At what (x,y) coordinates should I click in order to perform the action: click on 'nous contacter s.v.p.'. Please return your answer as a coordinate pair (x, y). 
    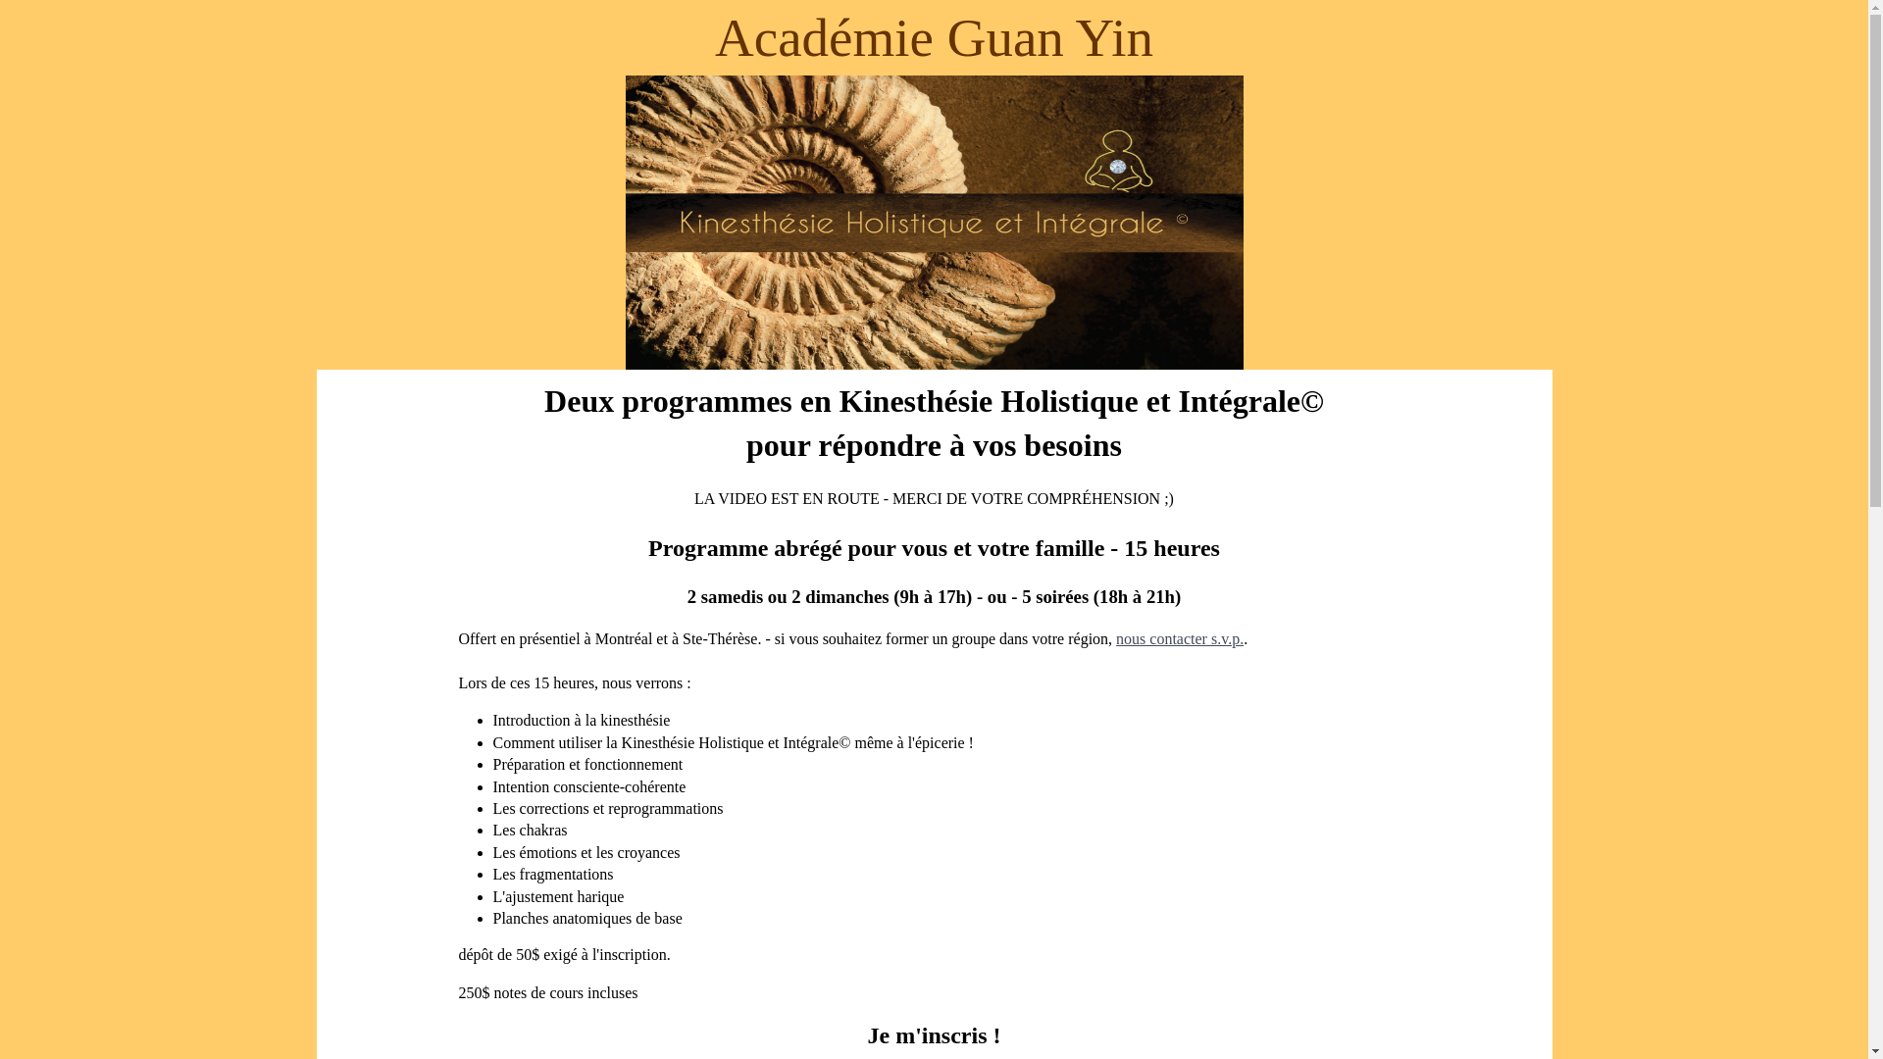
    Looking at the image, I should click on (1179, 638).